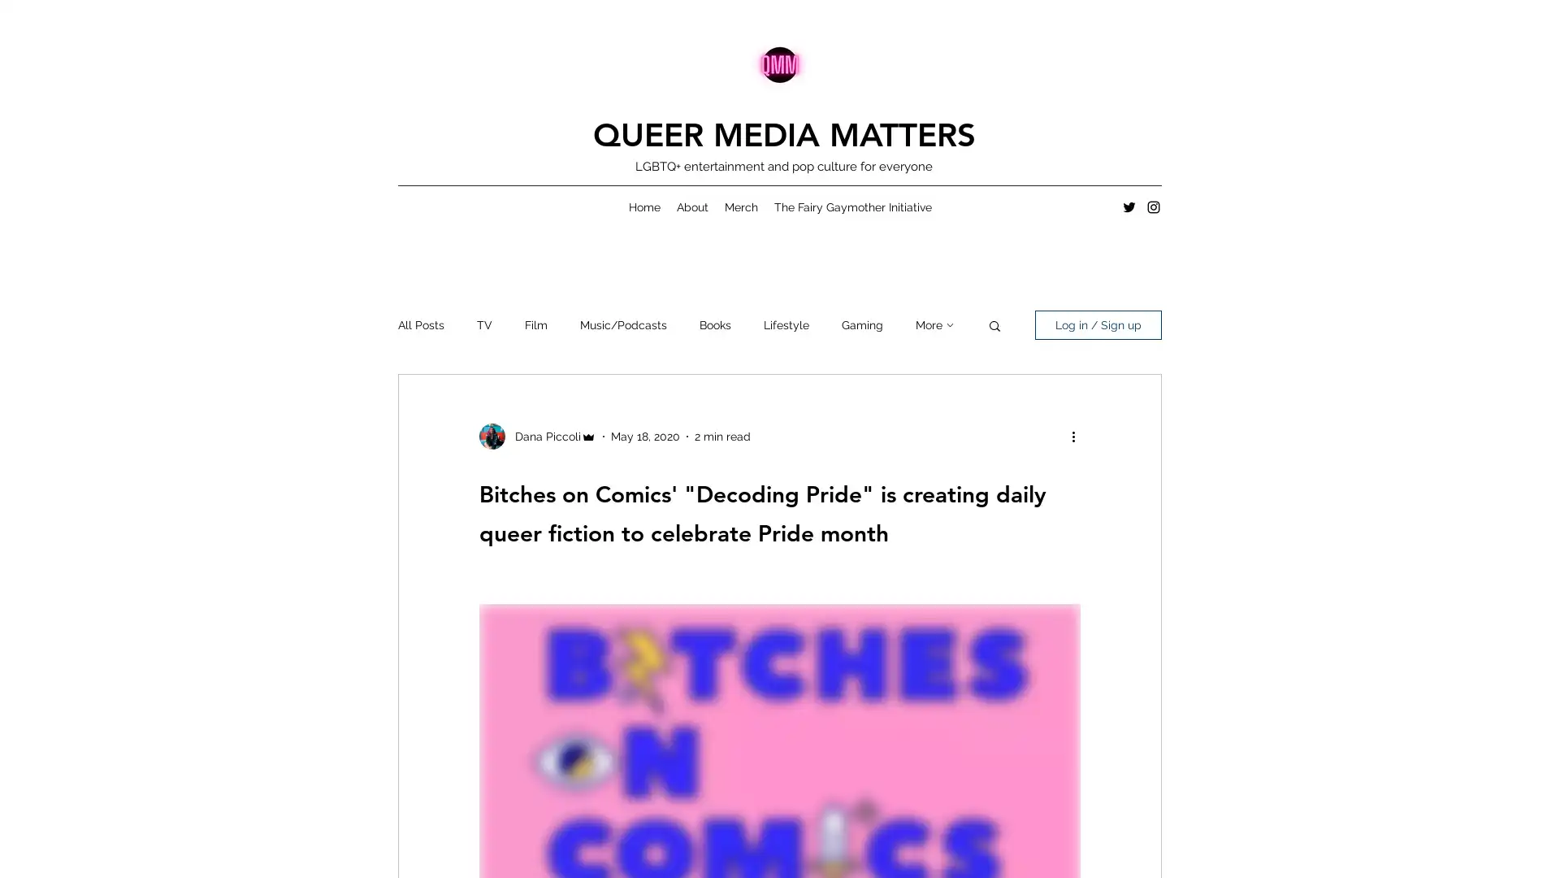 This screenshot has height=878, width=1560. Describe the element at coordinates (1098, 325) in the screenshot. I see `Log in / Sign up` at that location.